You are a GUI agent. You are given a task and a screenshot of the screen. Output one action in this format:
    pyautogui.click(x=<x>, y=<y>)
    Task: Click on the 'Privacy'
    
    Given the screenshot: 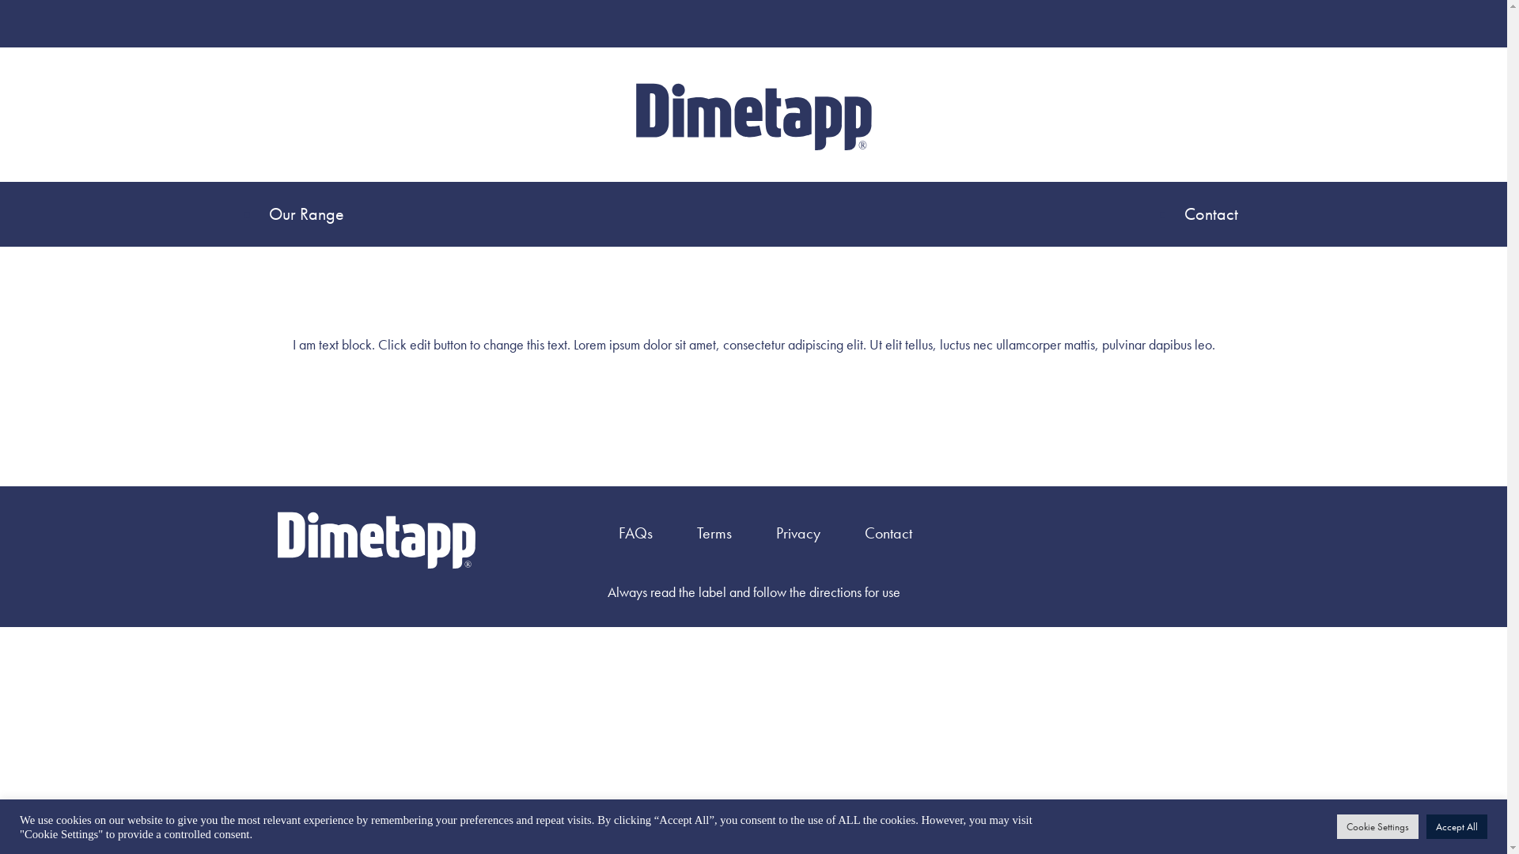 What is the action you would take?
    pyautogui.click(x=797, y=533)
    